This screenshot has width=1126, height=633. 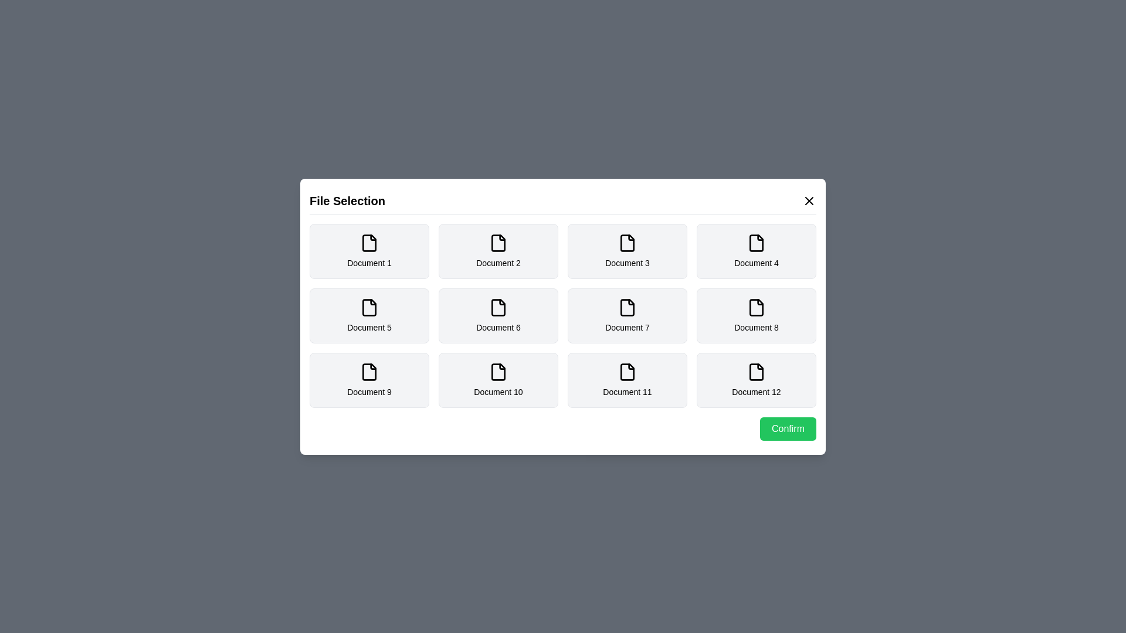 I want to click on the 'Confirm' button to finalize the selection, so click(x=788, y=428).